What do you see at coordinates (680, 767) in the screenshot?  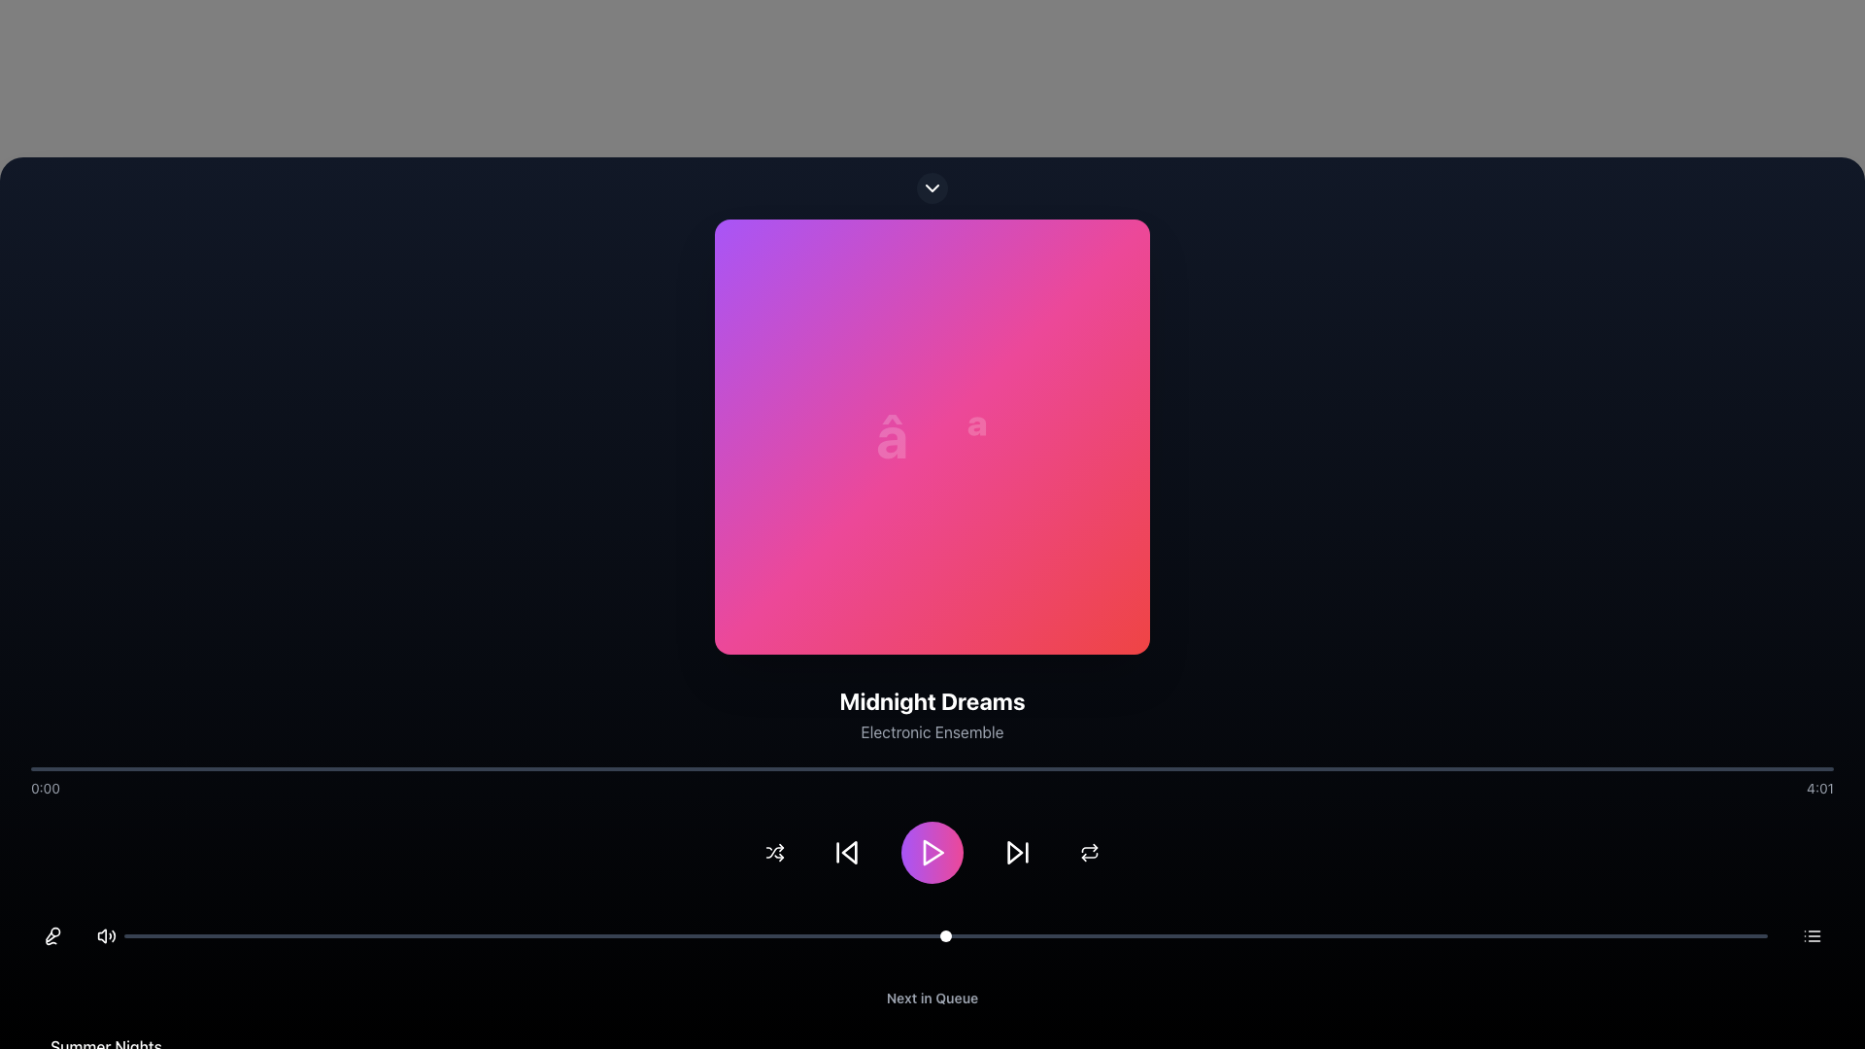 I see `playback position` at bounding box center [680, 767].